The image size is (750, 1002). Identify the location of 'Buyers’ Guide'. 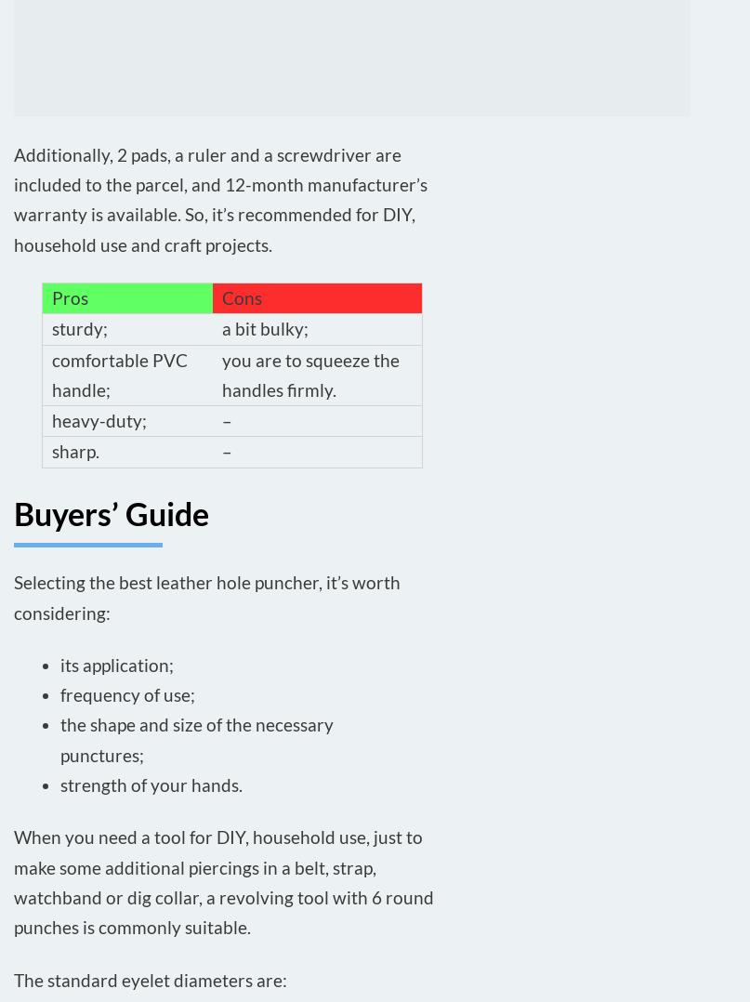
(111, 511).